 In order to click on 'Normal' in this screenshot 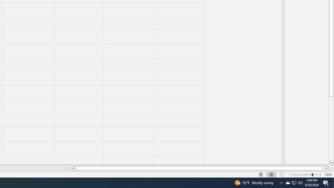, I will do `click(261, 175)`.